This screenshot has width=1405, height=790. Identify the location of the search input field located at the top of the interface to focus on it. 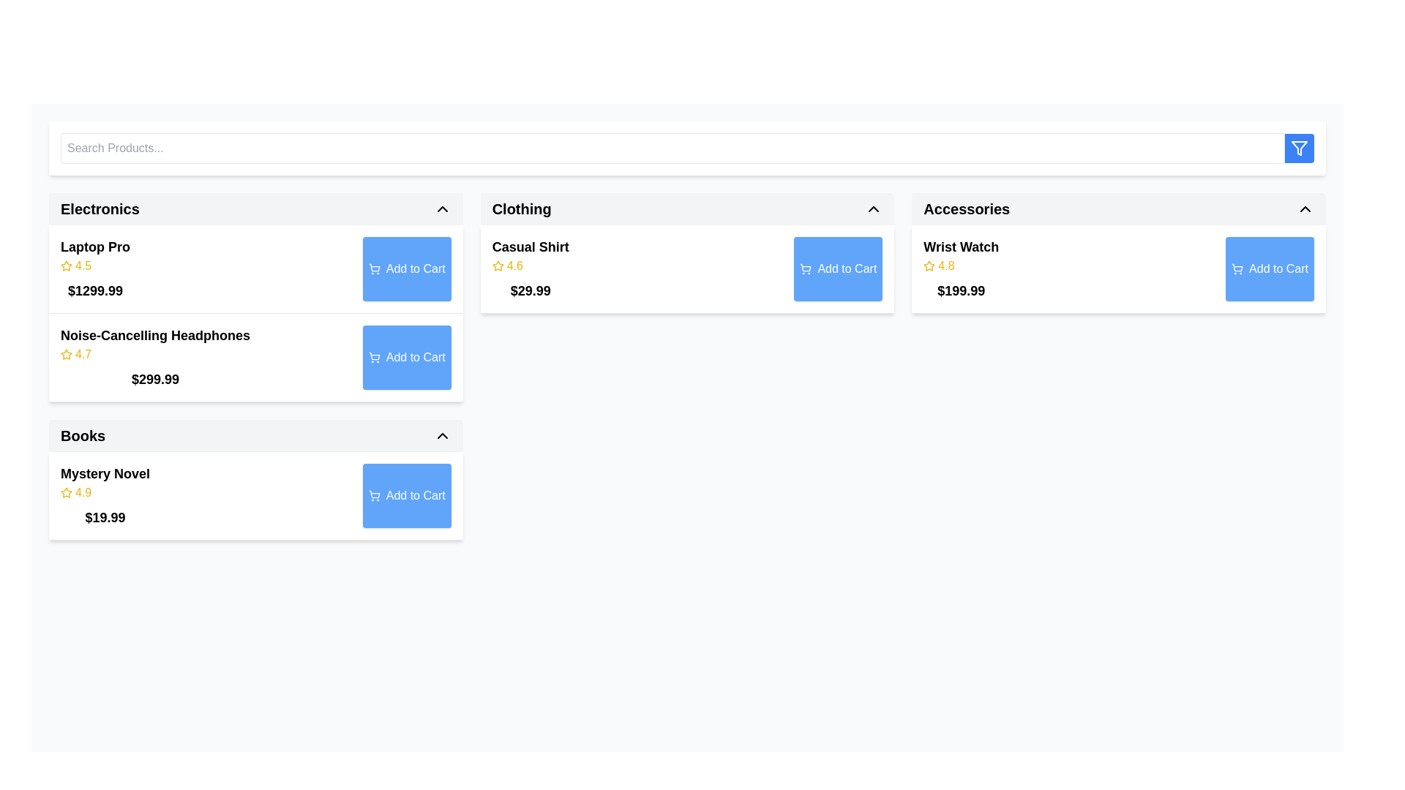
(672, 148).